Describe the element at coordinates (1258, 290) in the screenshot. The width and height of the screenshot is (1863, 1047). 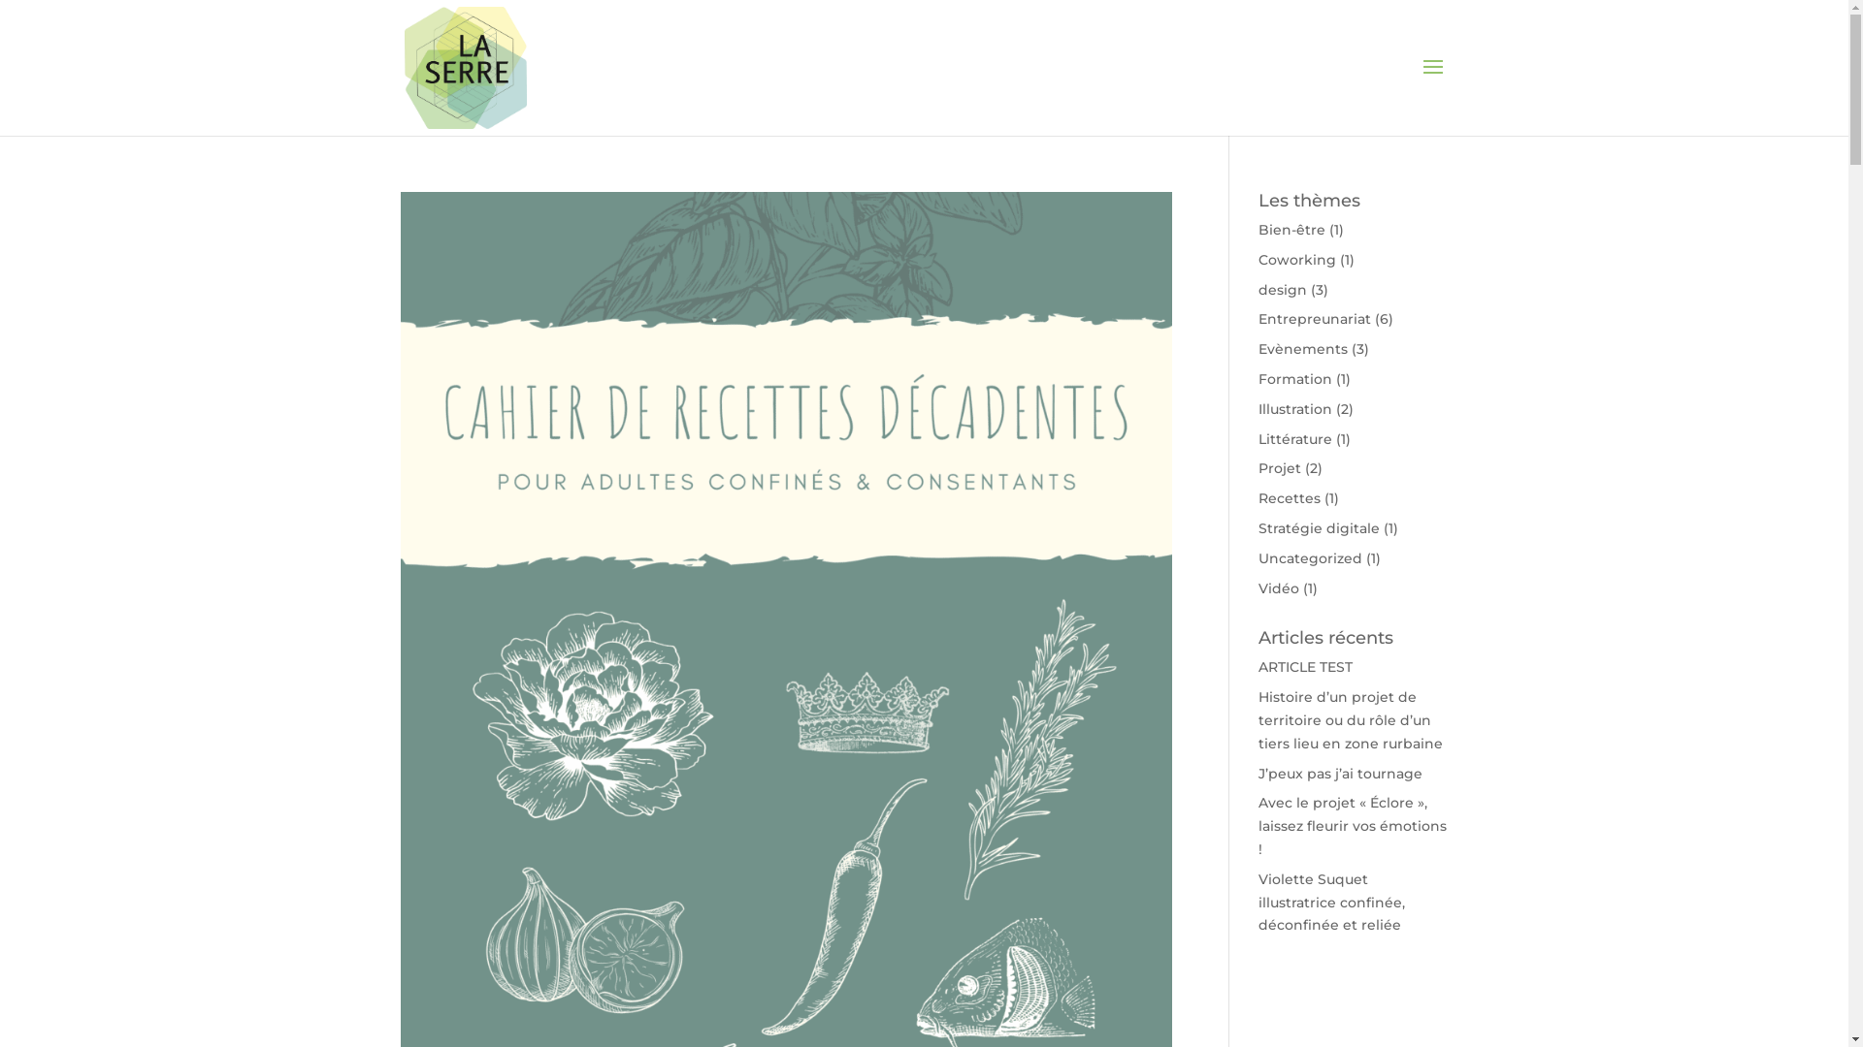
I see `'design'` at that location.